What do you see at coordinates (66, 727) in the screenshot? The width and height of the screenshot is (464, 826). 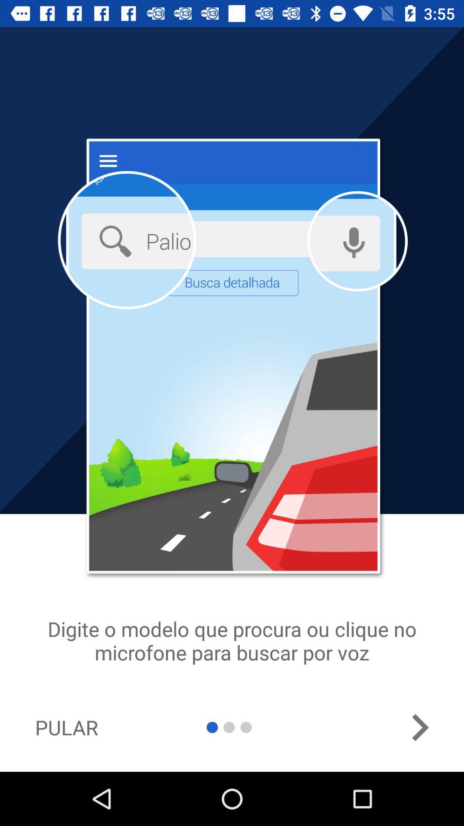 I see `pular item` at bounding box center [66, 727].